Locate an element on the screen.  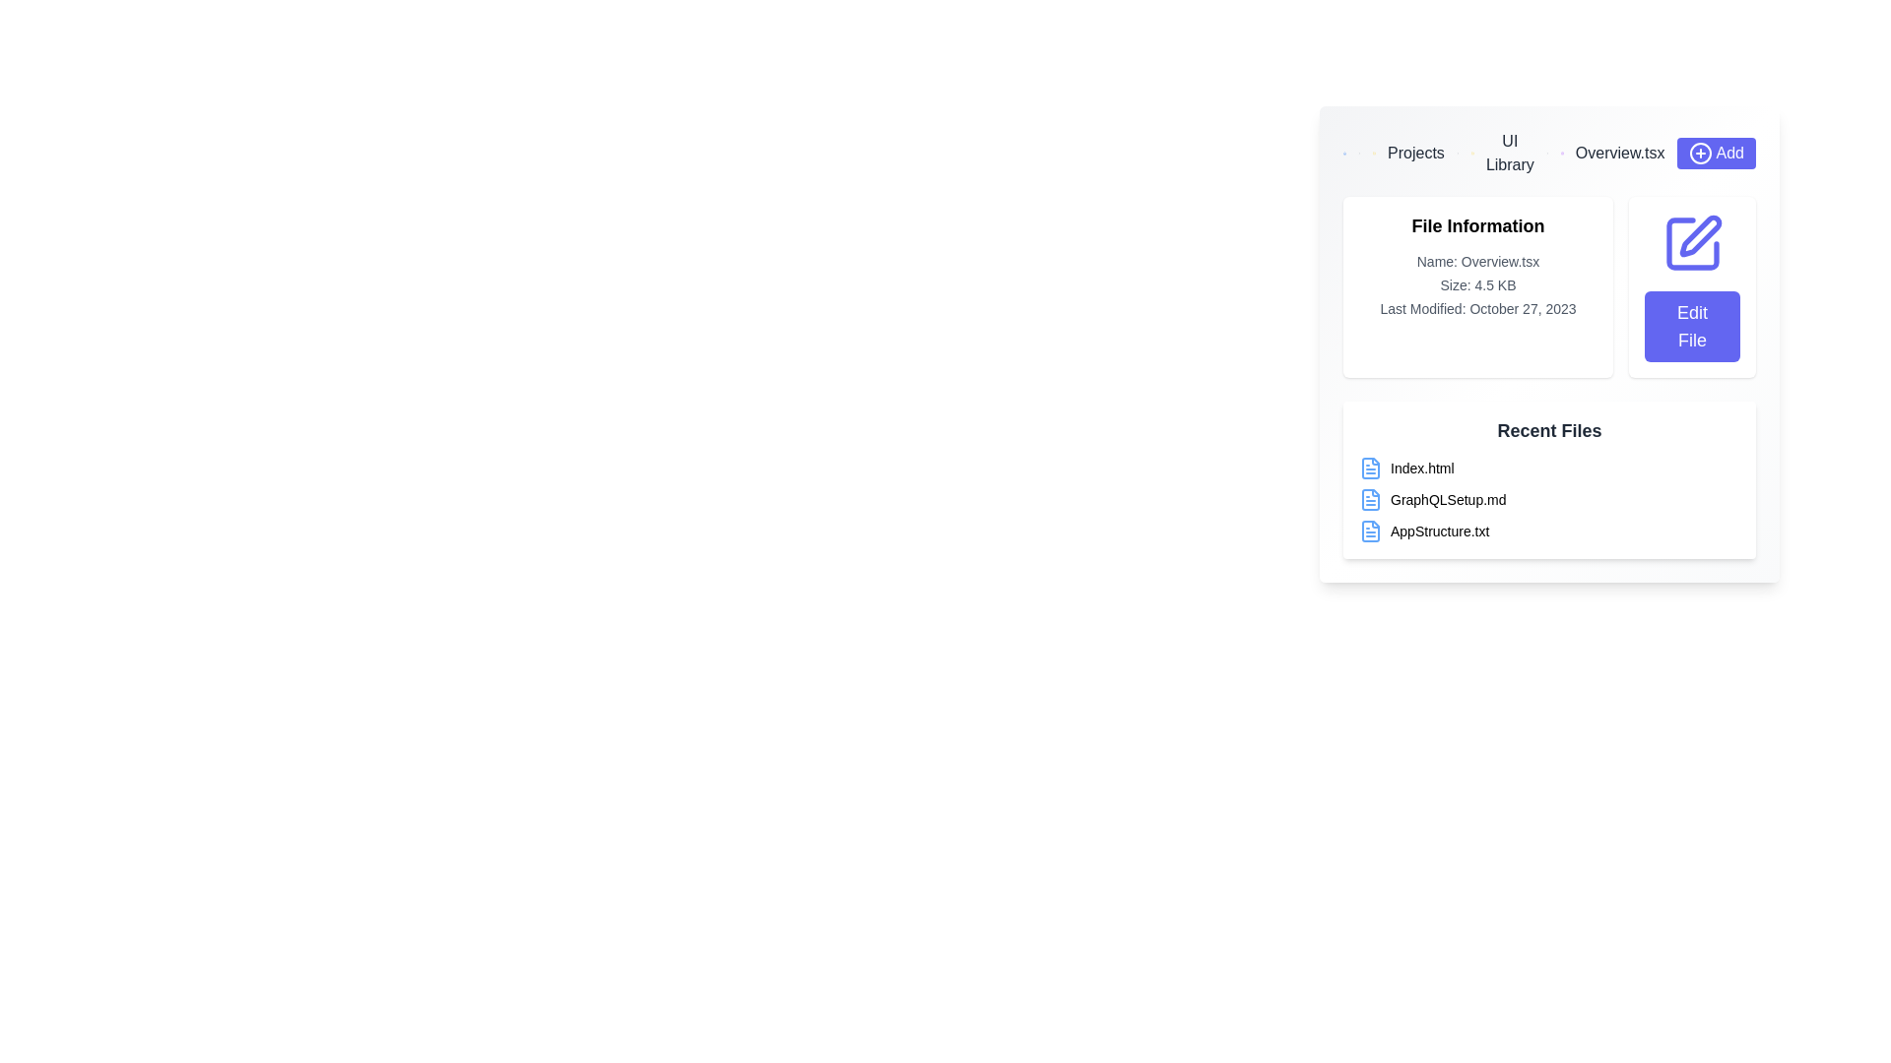
the file entry named 'GraphQLSetup.md' in the 'Recent Files' list is located at coordinates (1548, 499).